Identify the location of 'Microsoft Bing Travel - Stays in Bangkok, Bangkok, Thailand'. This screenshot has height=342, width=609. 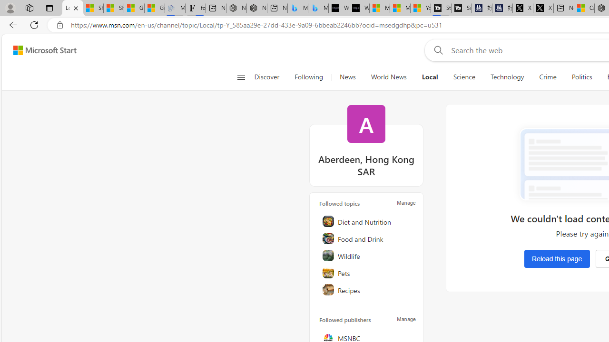
(297, 8).